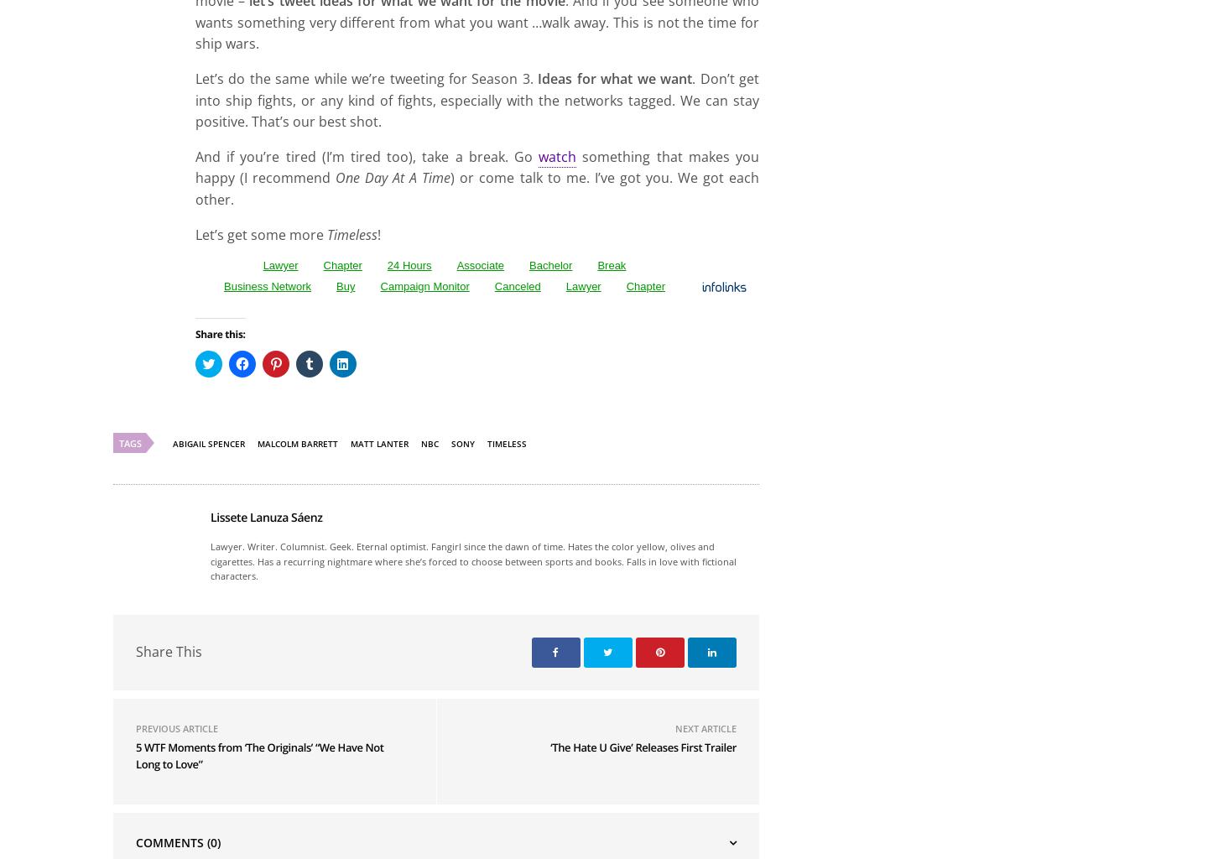 The height and width of the screenshot is (859, 1208). What do you see at coordinates (405, 197) in the screenshot?
I see `'let’s tweet ideas for what we want for the movie'` at bounding box center [405, 197].